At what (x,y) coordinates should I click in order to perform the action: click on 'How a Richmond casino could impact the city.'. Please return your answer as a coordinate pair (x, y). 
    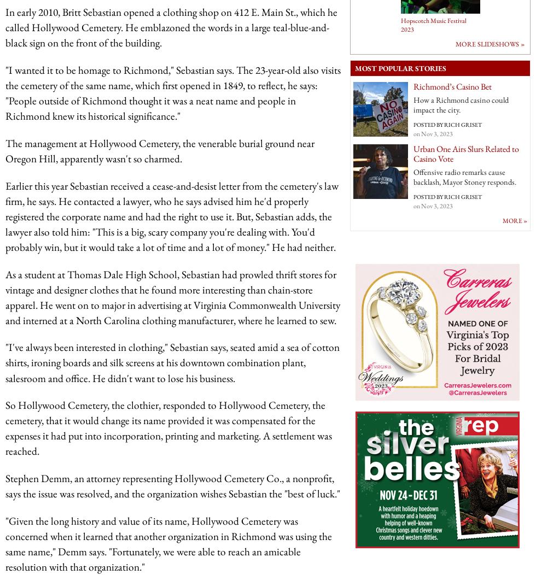
    Looking at the image, I should click on (461, 104).